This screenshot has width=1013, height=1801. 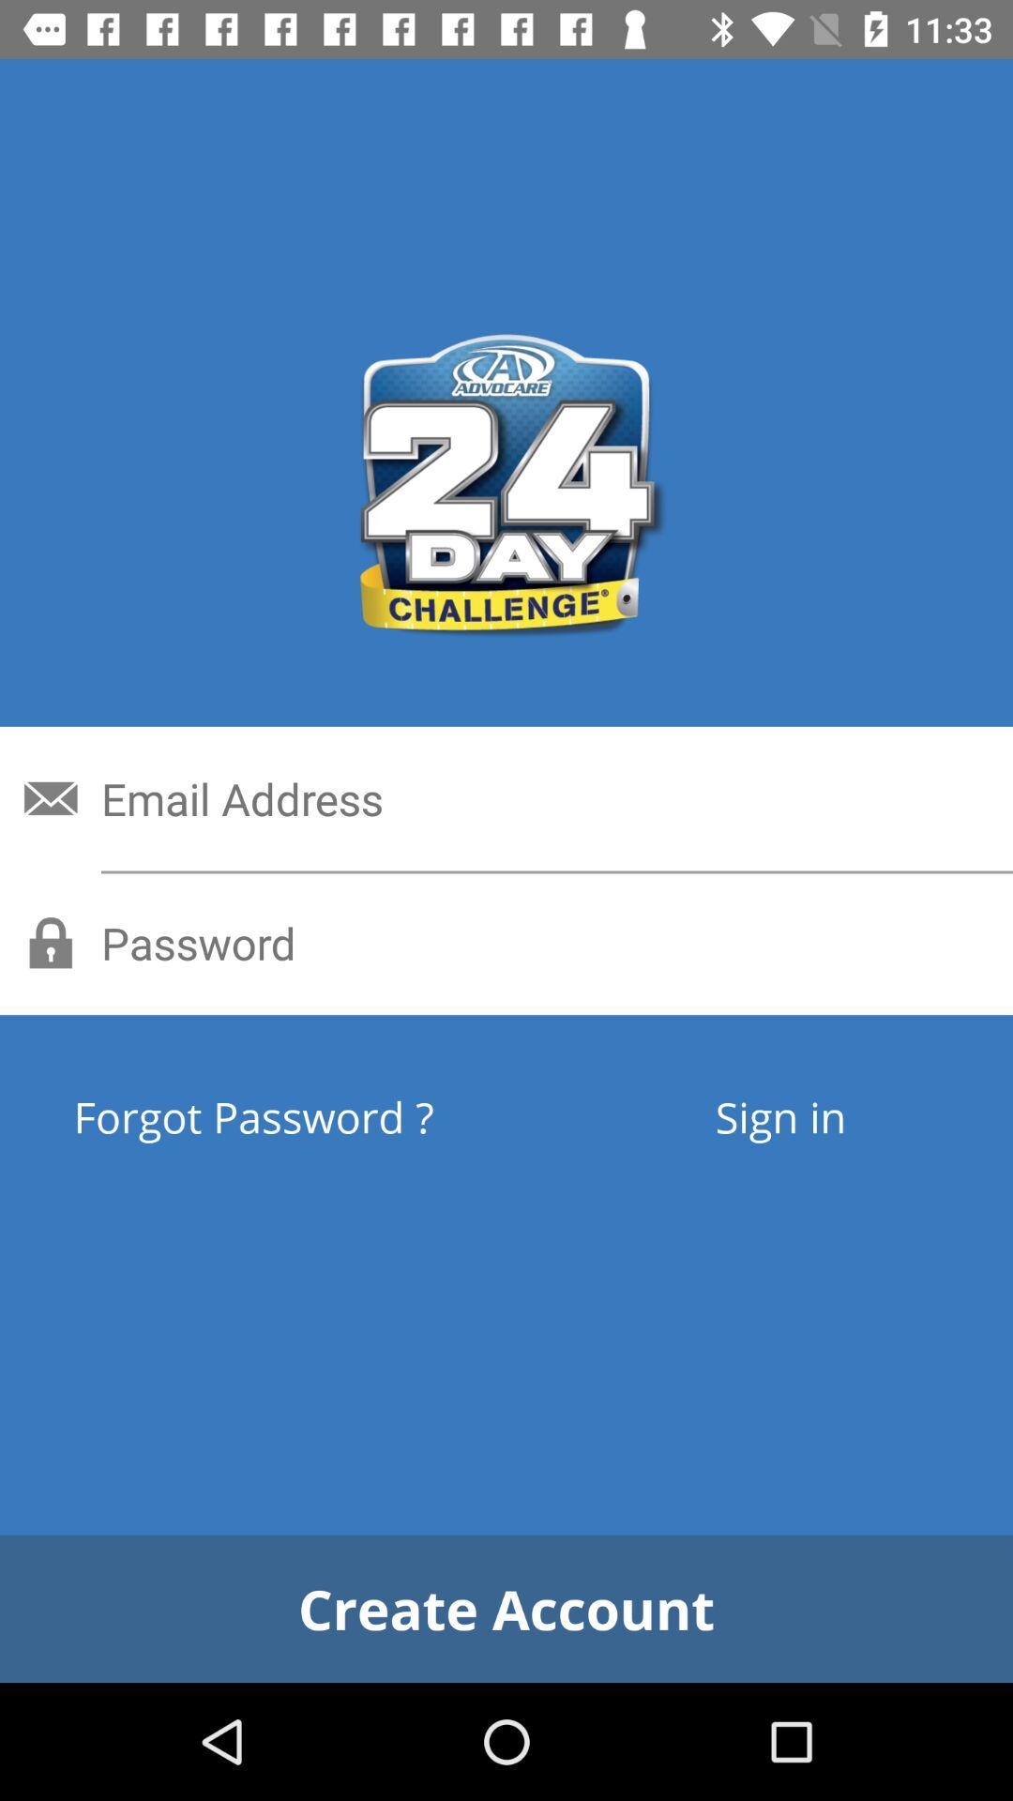 What do you see at coordinates (780, 1116) in the screenshot?
I see `item next to forgot password ?` at bounding box center [780, 1116].